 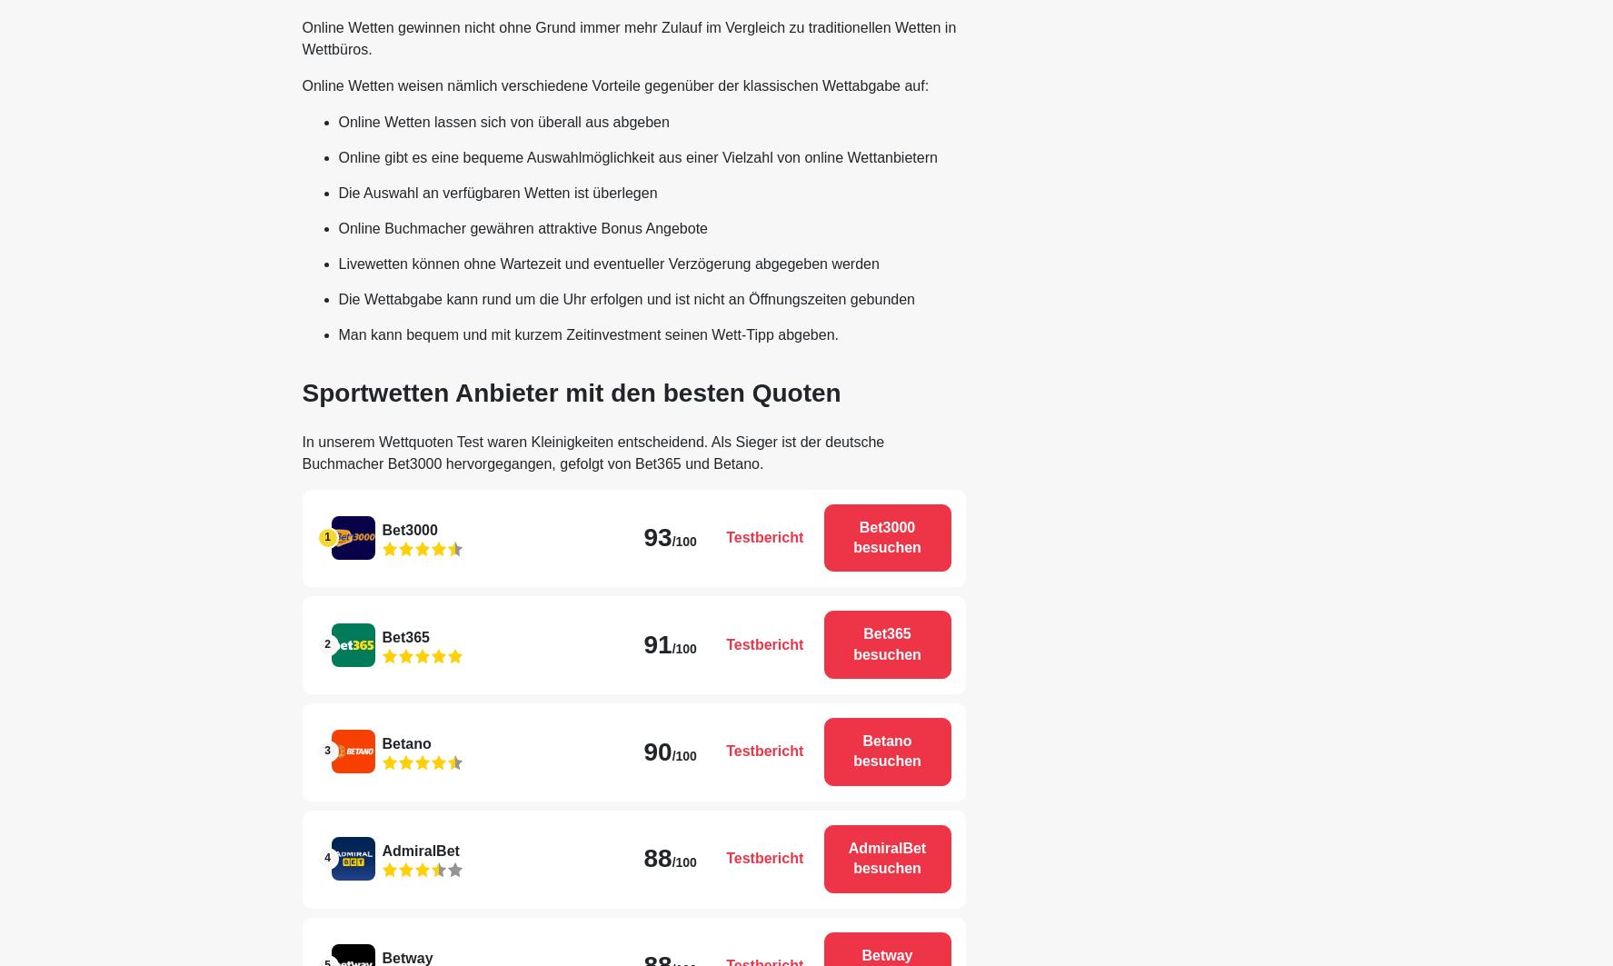 I want to click on 'Die Wettabgabe kann rund um die Uhr erfolgen und ist nicht an Öffnungszeiten gebunden', so click(x=625, y=298).